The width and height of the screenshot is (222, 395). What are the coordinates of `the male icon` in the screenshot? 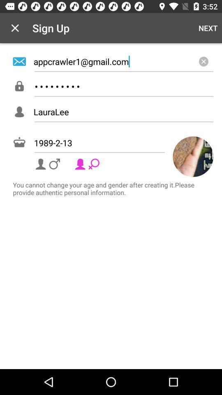 It's located at (48, 163).